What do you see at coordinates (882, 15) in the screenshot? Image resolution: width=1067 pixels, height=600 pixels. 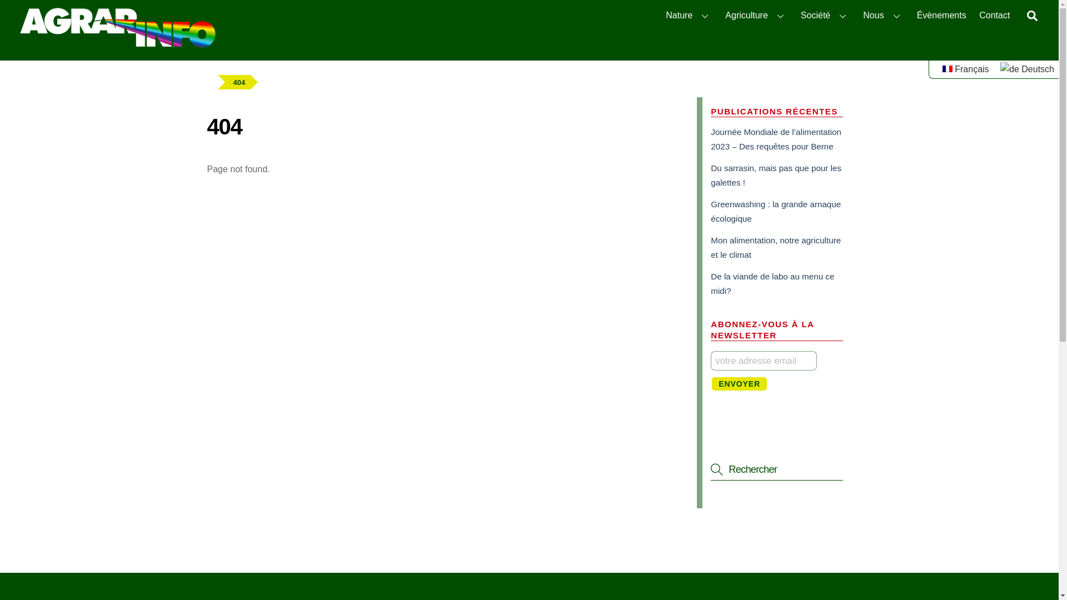 I see `'Nous'` at bounding box center [882, 15].